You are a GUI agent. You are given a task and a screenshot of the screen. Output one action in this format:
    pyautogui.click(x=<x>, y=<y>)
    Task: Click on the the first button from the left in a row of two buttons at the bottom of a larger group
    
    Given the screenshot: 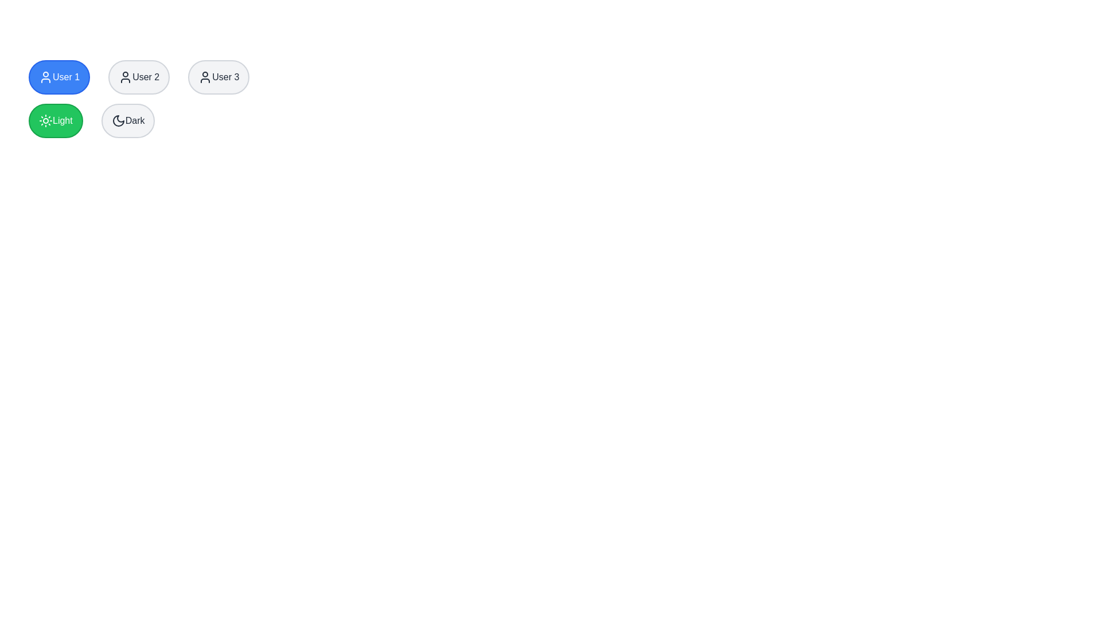 What is the action you would take?
    pyautogui.click(x=55, y=121)
    